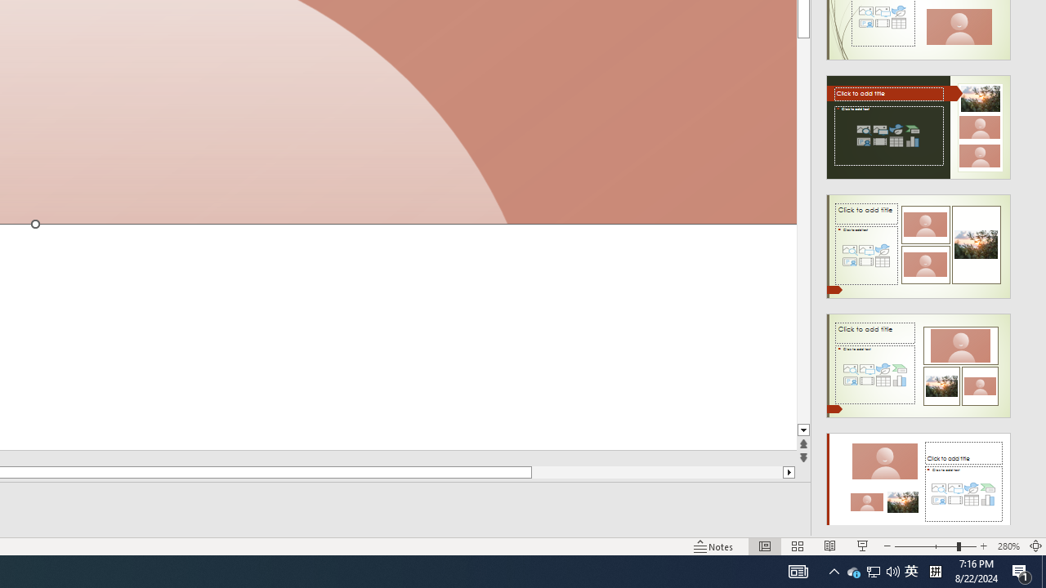 Image resolution: width=1046 pixels, height=588 pixels. I want to click on 'Zoom 280%', so click(1008, 546).